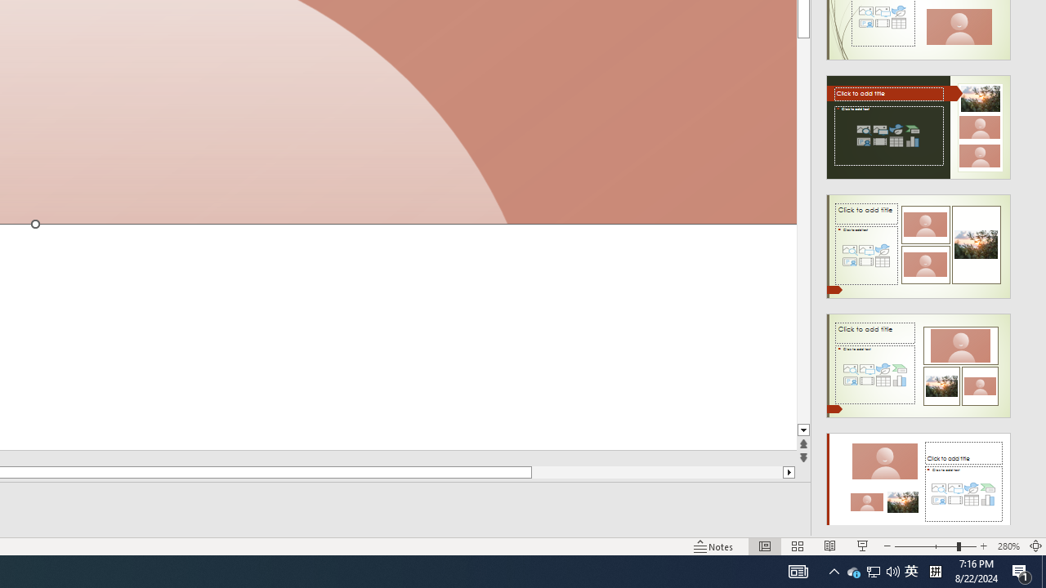 Image resolution: width=1046 pixels, height=588 pixels. I want to click on 'Zoom 280%', so click(1008, 546).